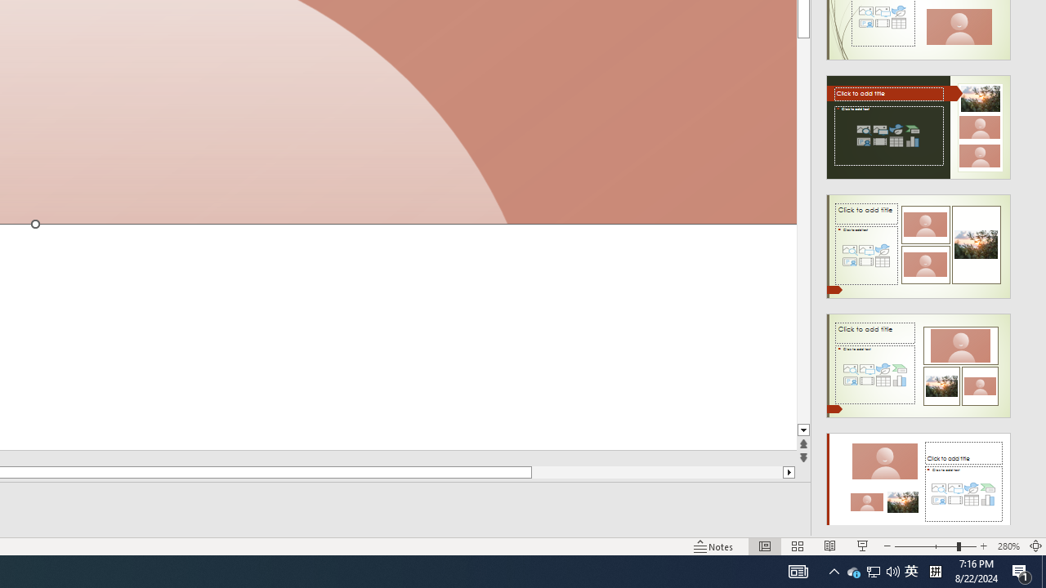 Image resolution: width=1046 pixels, height=588 pixels. I want to click on 'Zoom 280%', so click(1008, 546).